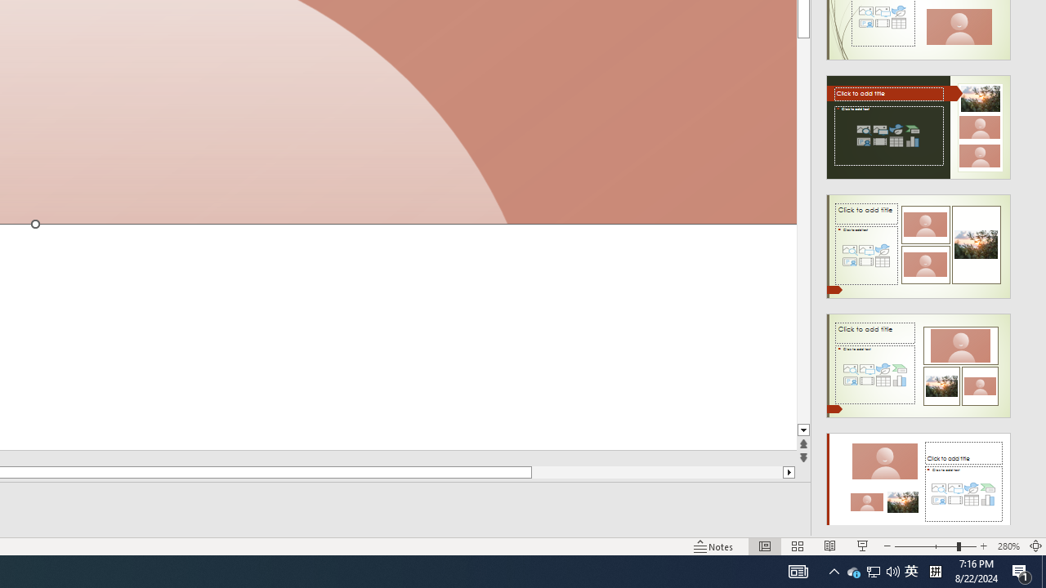 Image resolution: width=1046 pixels, height=588 pixels. I want to click on 'Zoom 280%', so click(1008, 546).